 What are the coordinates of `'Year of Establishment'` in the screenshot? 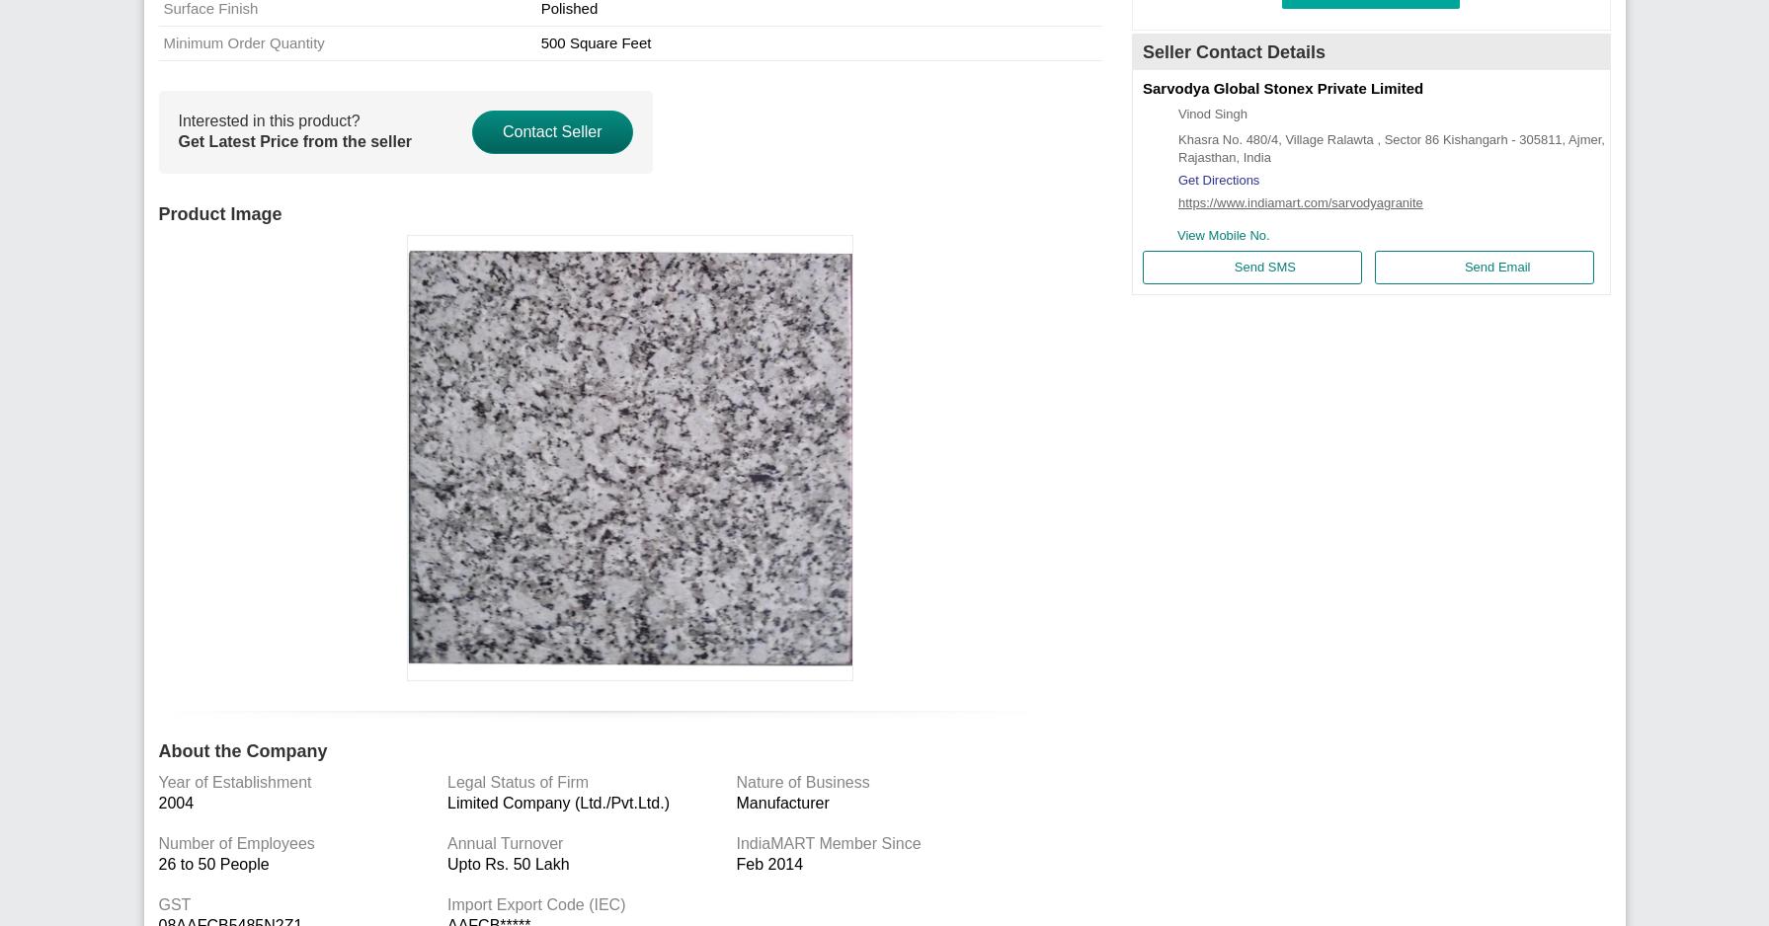 It's located at (157, 781).